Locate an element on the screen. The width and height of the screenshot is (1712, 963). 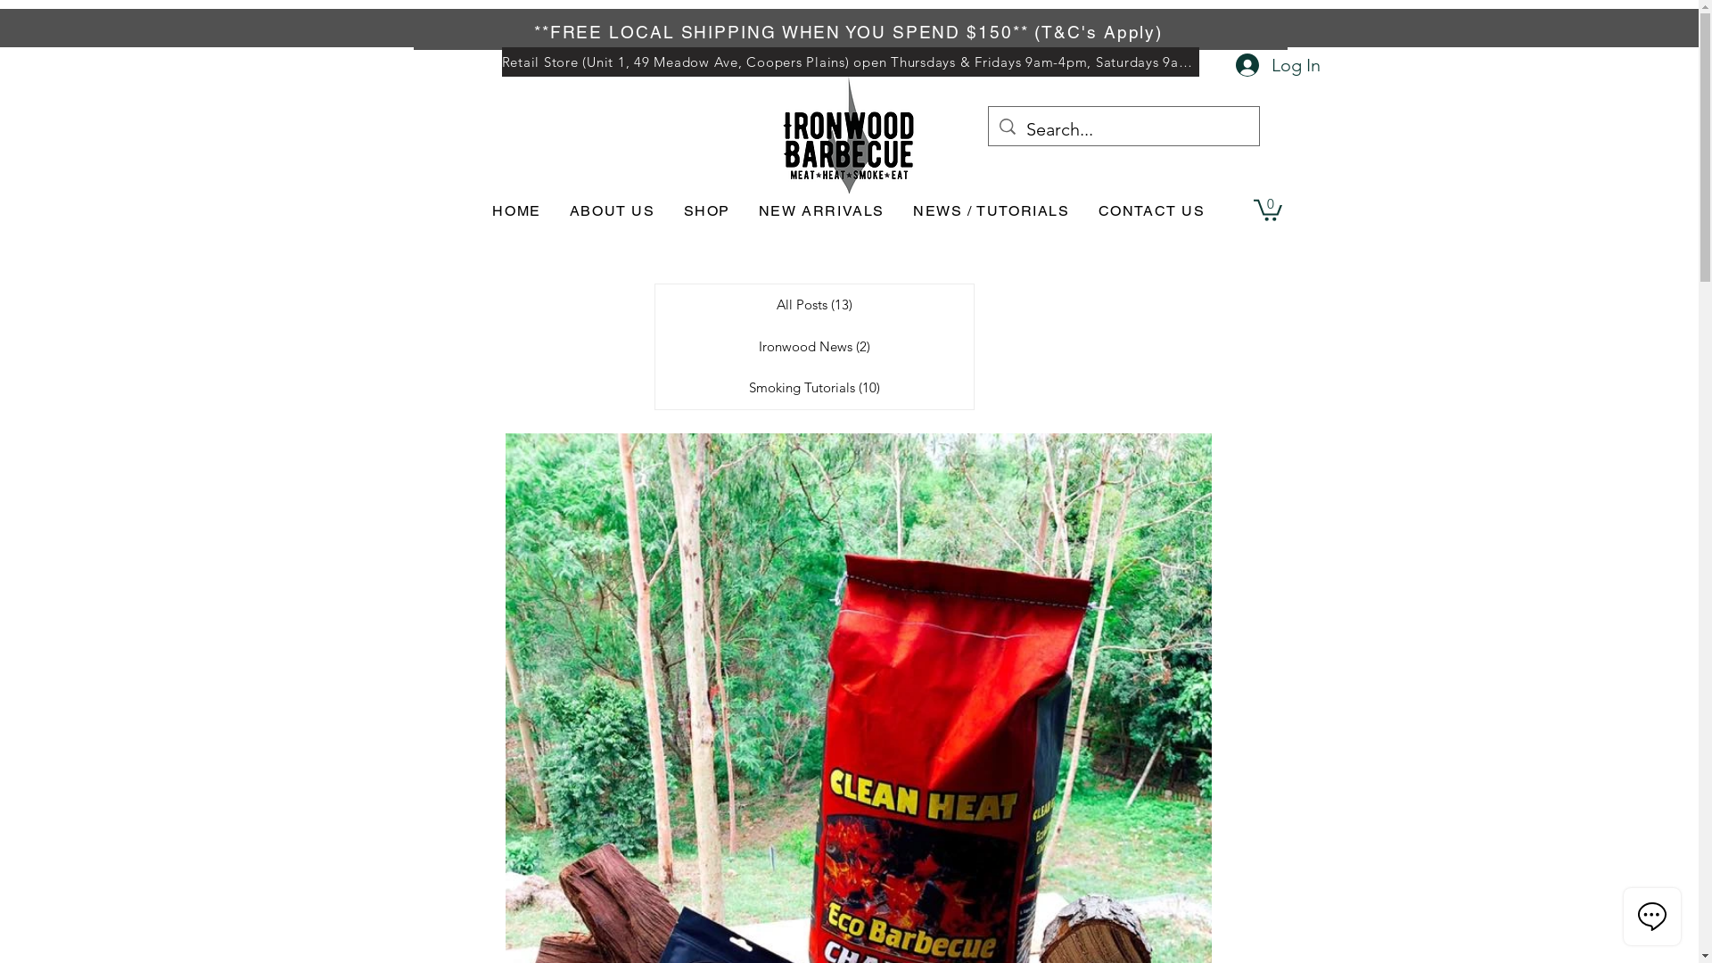
'Ironwood News (2)' is located at coordinates (812, 347).